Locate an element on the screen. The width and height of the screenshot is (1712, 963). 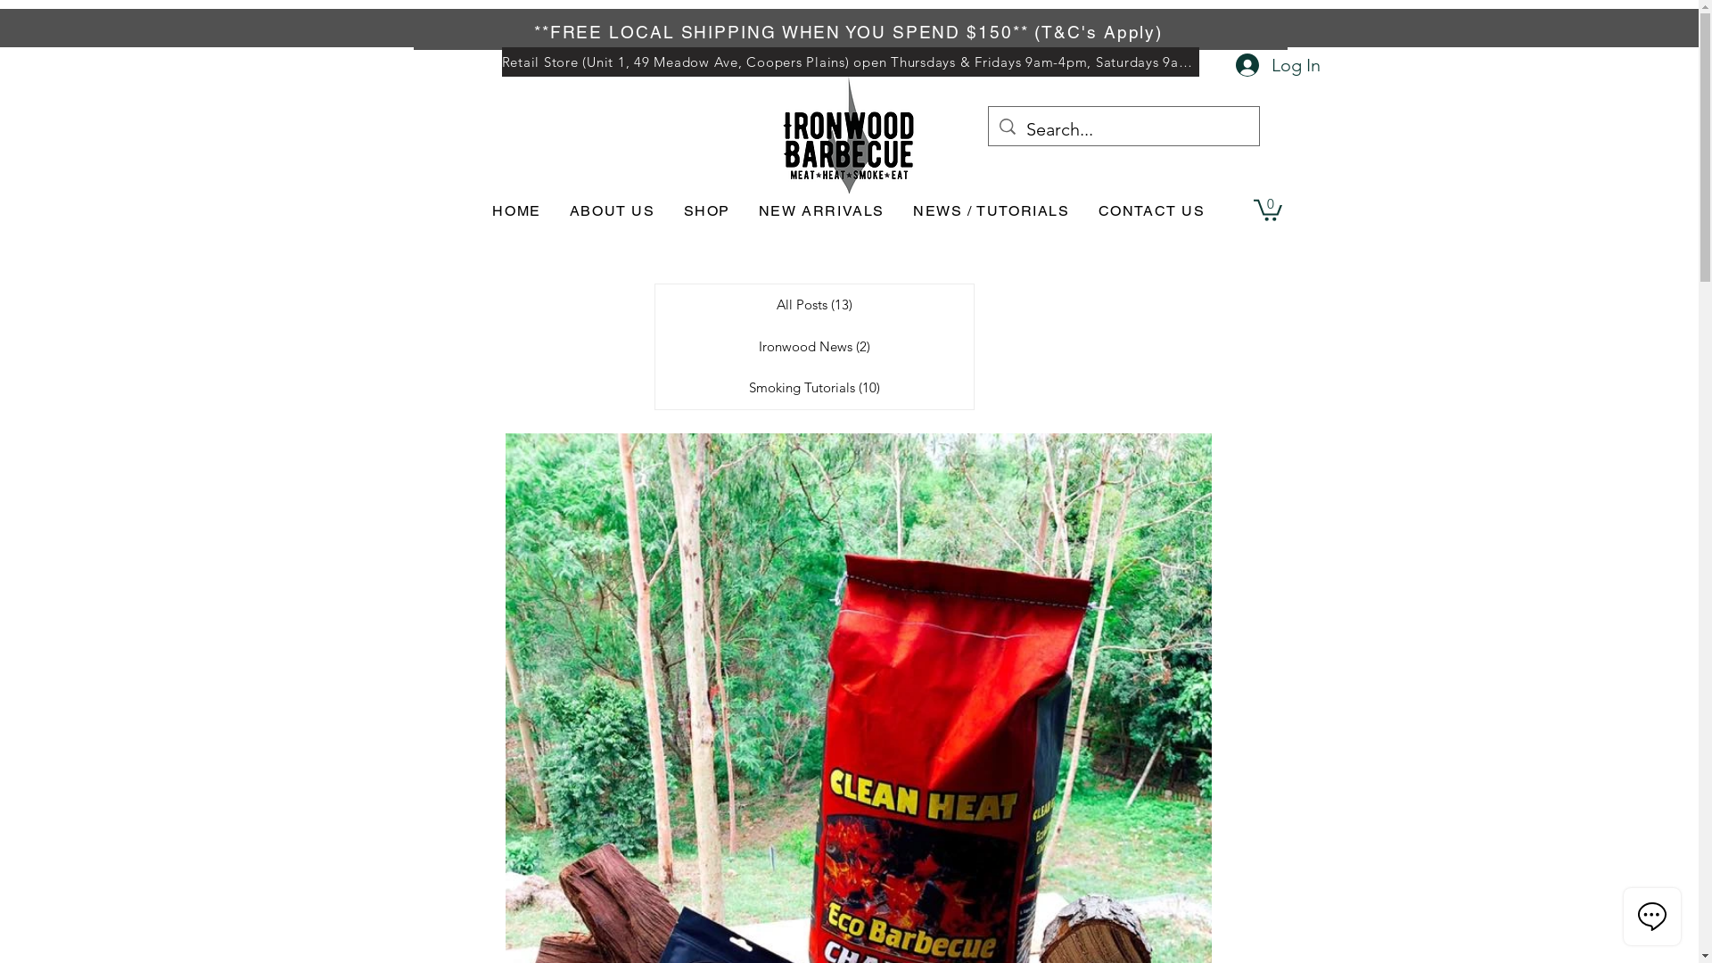
'Ironwood News (2)' is located at coordinates (812, 347).